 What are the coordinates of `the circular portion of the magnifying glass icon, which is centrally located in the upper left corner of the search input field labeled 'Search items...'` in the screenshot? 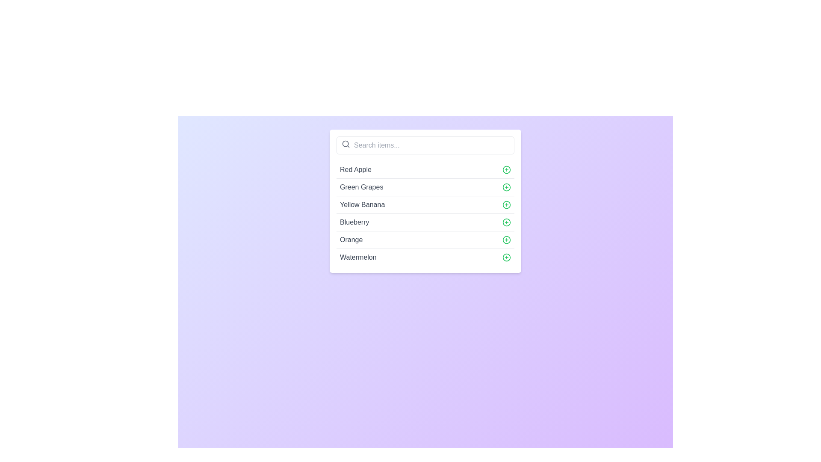 It's located at (346, 143).